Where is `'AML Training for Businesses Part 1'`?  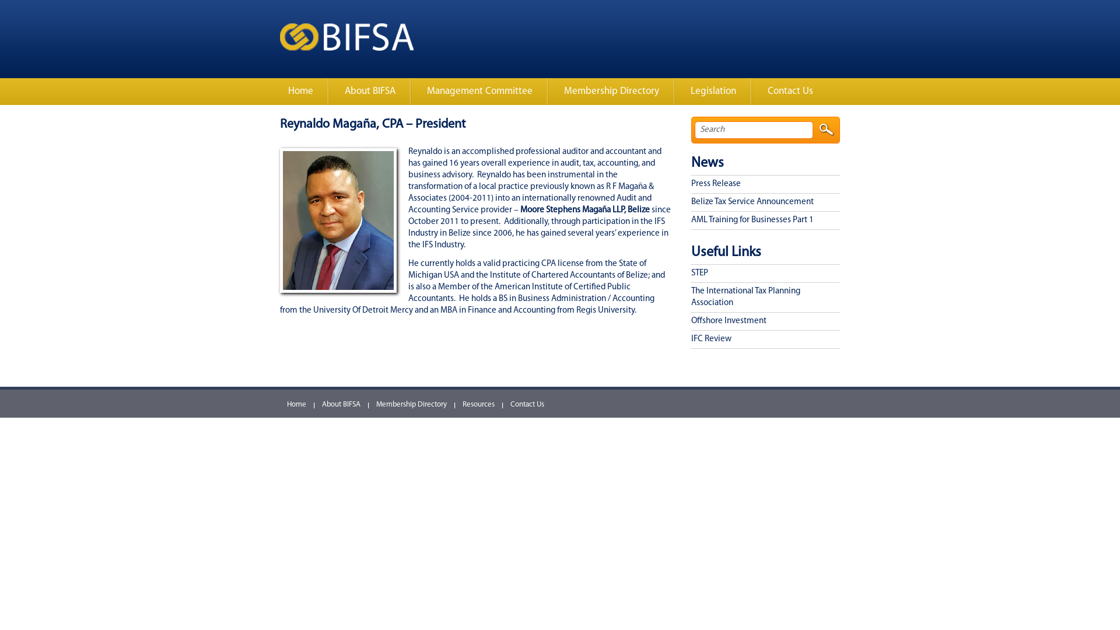 'AML Training for Businesses Part 1' is located at coordinates (691, 220).